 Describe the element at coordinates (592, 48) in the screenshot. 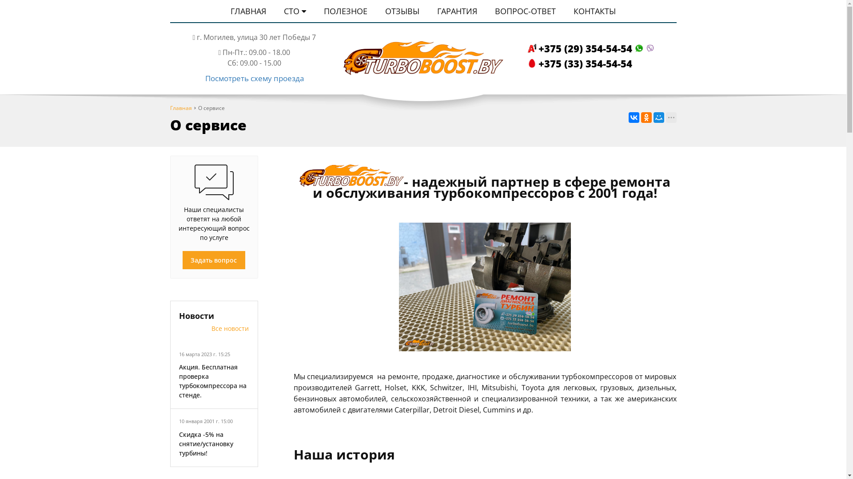

I see `'+375 (29) 354-54-54'` at that location.